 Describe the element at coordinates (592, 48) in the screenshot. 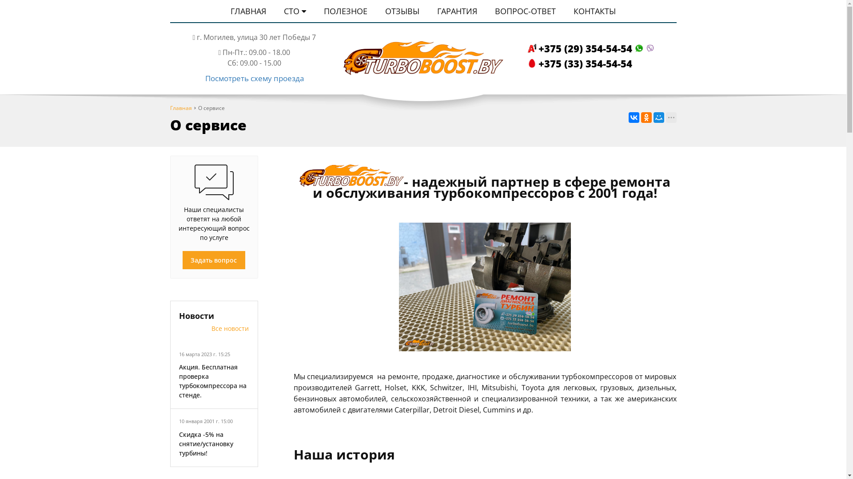

I see `'+375 (29) 354-54-54'` at that location.